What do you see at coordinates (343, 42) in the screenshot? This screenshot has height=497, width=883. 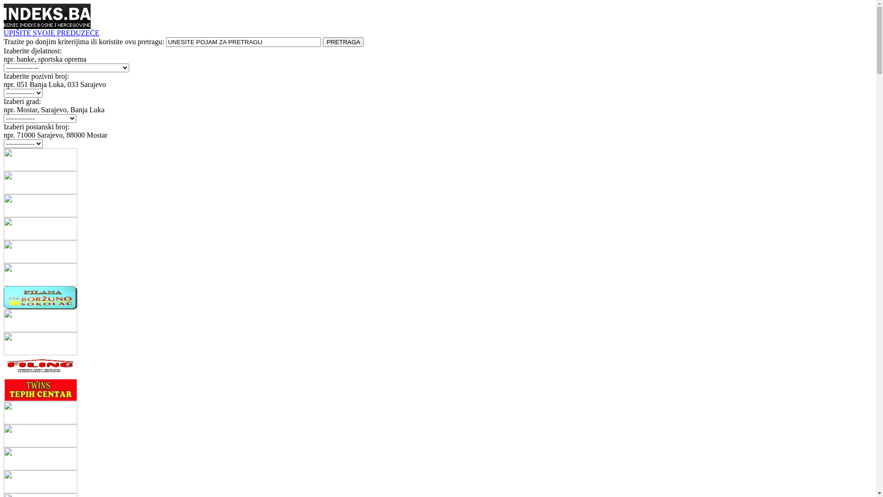 I see `'PRETRAGA'` at bounding box center [343, 42].